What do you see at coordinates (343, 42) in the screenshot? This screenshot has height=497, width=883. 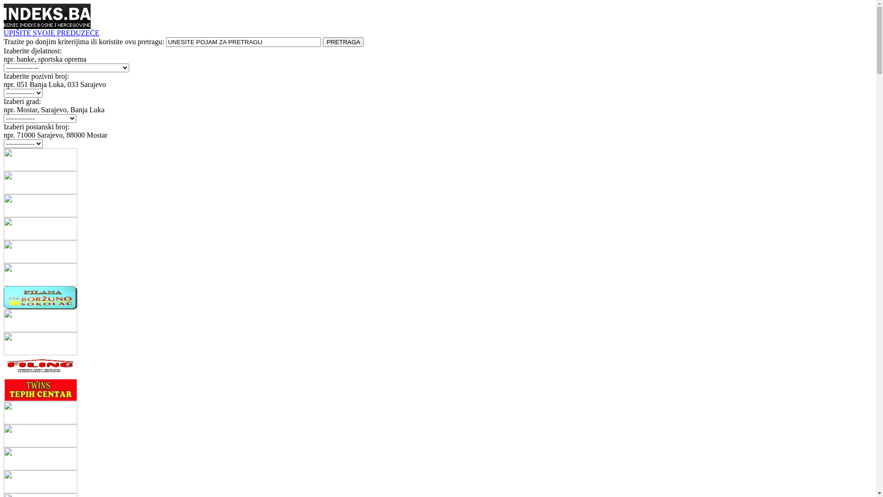 I see `'PRETRAGA'` at bounding box center [343, 42].